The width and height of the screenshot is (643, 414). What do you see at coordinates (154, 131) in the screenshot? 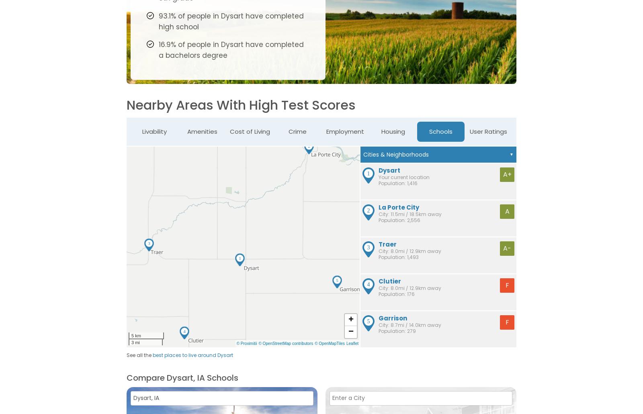
I see `'Livability'` at bounding box center [154, 131].